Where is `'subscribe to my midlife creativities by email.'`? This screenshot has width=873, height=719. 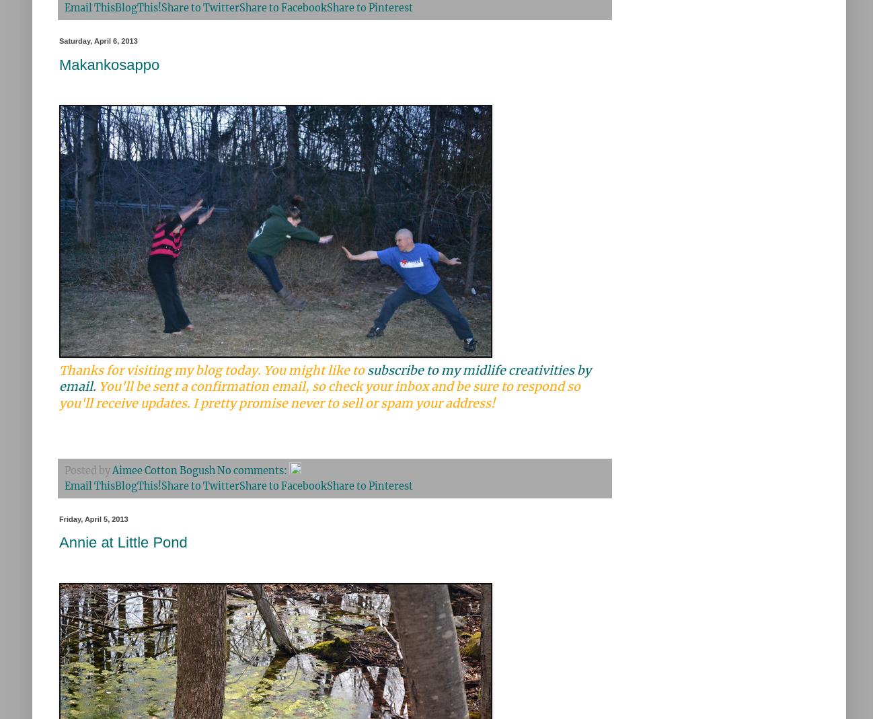
'subscribe to my midlife creativities by email.' is located at coordinates (325, 378).